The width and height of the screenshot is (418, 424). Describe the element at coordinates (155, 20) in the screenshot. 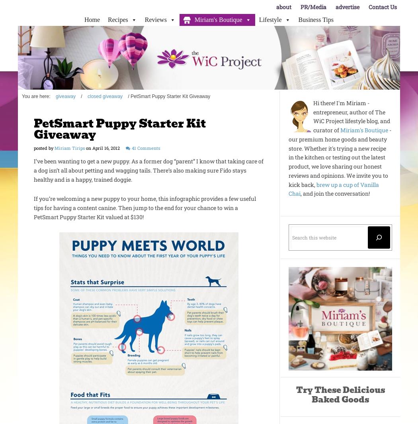

I see `'Reviews'` at that location.